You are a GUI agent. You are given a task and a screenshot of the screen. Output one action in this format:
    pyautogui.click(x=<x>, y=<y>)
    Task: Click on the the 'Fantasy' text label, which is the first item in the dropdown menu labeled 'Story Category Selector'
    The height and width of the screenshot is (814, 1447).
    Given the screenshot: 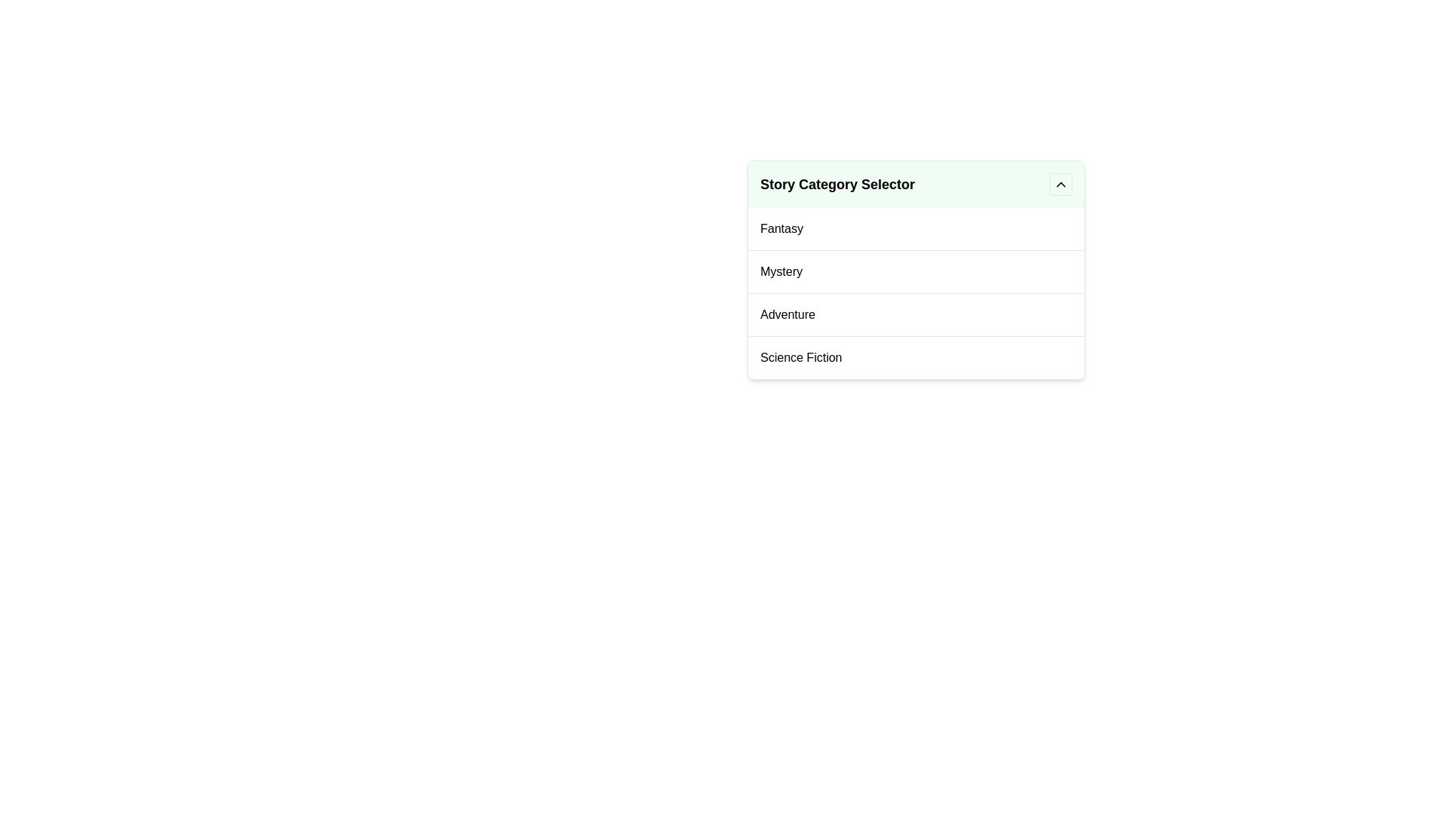 What is the action you would take?
    pyautogui.click(x=782, y=229)
    